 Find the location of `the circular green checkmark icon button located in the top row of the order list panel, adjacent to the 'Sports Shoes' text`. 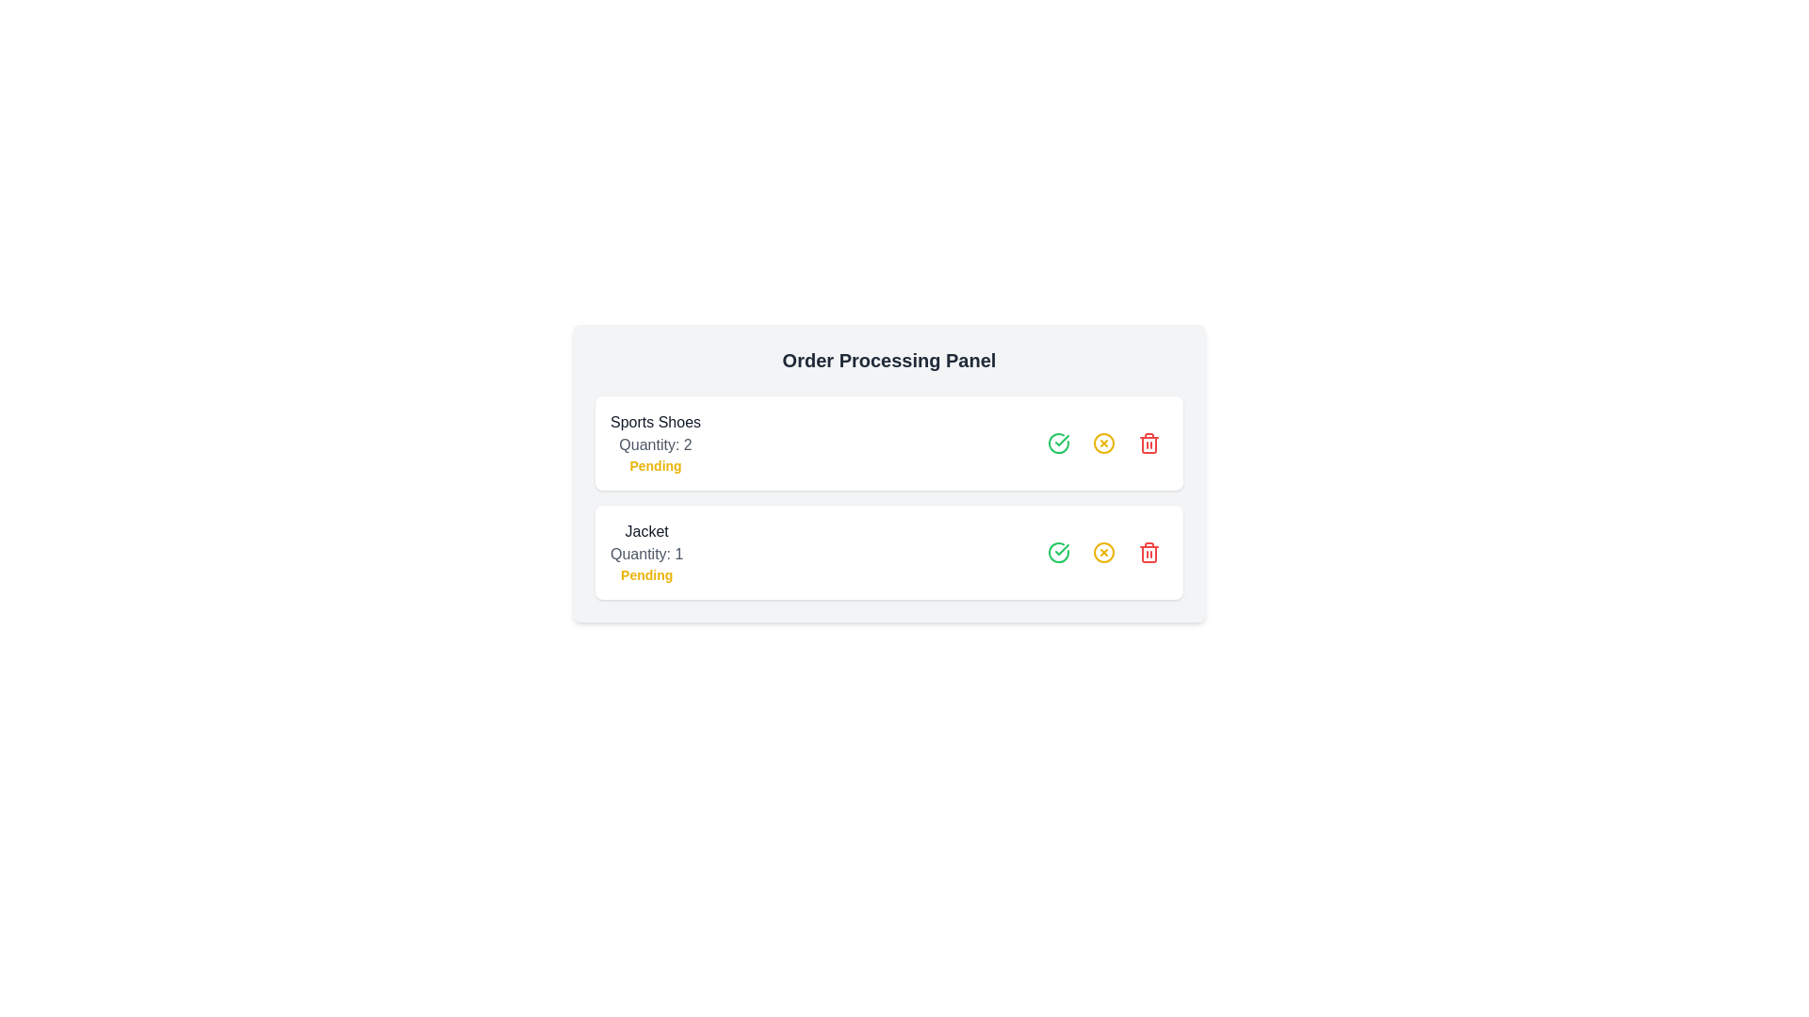

the circular green checkmark icon button located in the top row of the order list panel, adjacent to the 'Sports Shoes' text is located at coordinates (1058, 443).